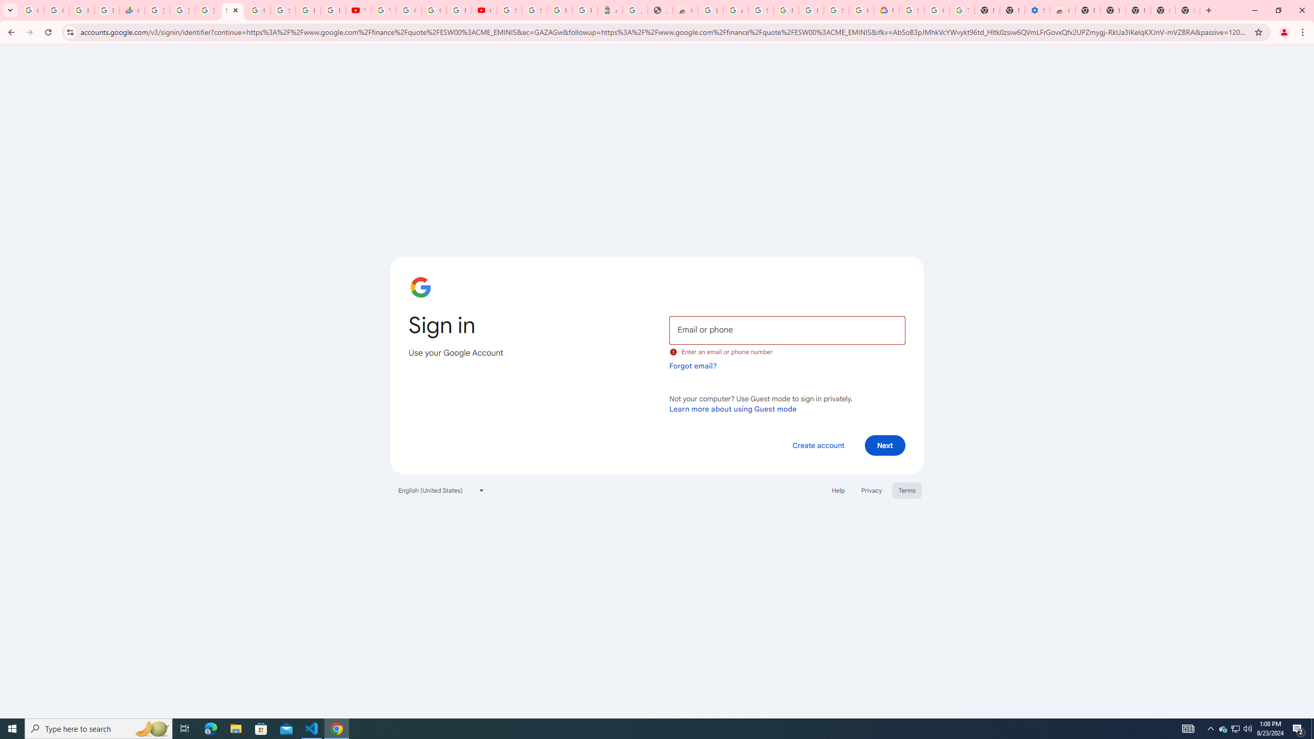 This screenshot has width=1314, height=739. Describe the element at coordinates (441, 490) in the screenshot. I see `'English (United States)'` at that location.